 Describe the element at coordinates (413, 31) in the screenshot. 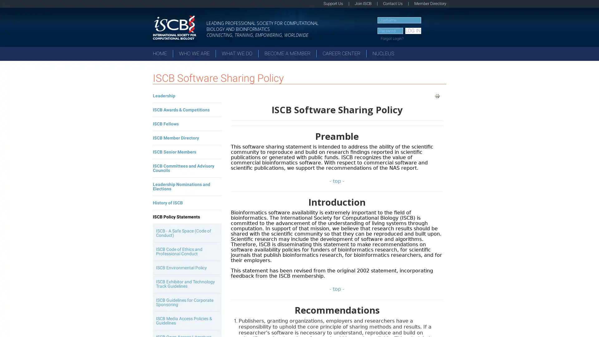

I see `LOG IN` at that location.